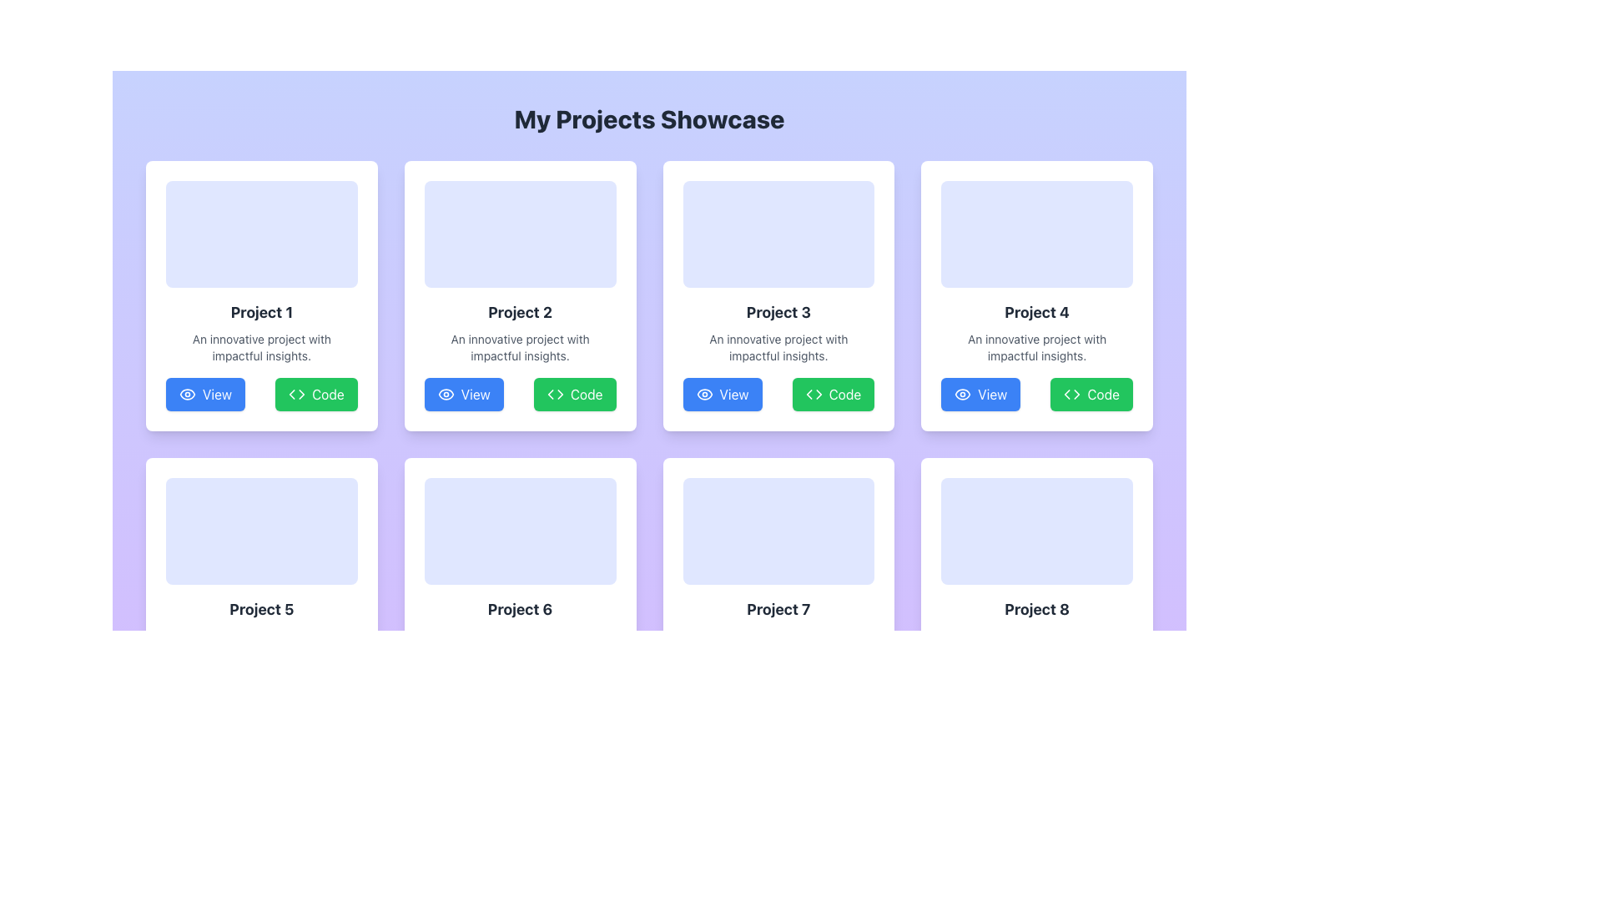 The image size is (1602, 901). I want to click on the 'View' icon located within the button below the 'Project 4' card, so click(963, 395).